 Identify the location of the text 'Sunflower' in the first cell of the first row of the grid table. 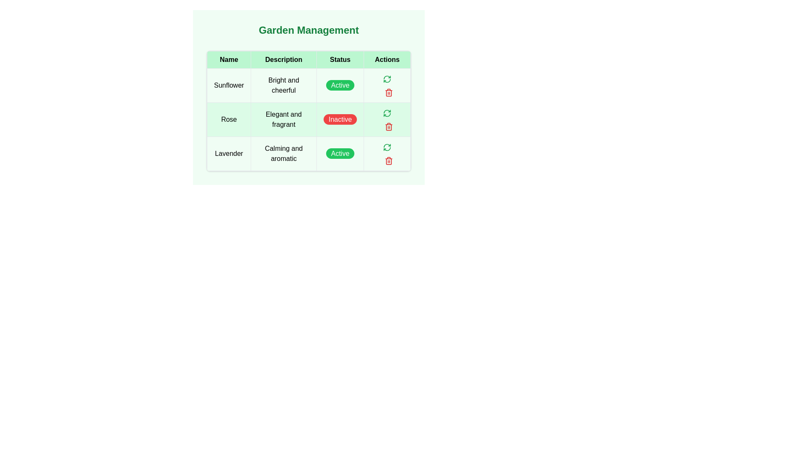
(229, 86).